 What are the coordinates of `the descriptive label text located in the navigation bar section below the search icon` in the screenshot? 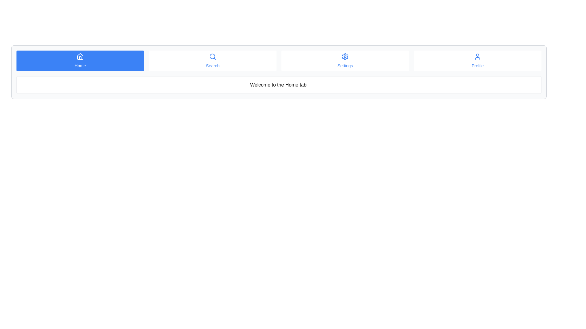 It's located at (212, 66).